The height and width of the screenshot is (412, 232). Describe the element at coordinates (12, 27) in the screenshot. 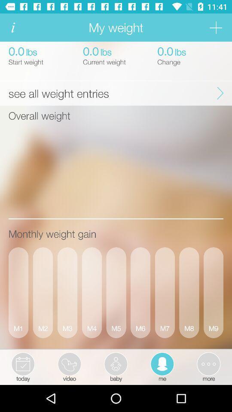

I see `the icon next to my weight icon` at that location.